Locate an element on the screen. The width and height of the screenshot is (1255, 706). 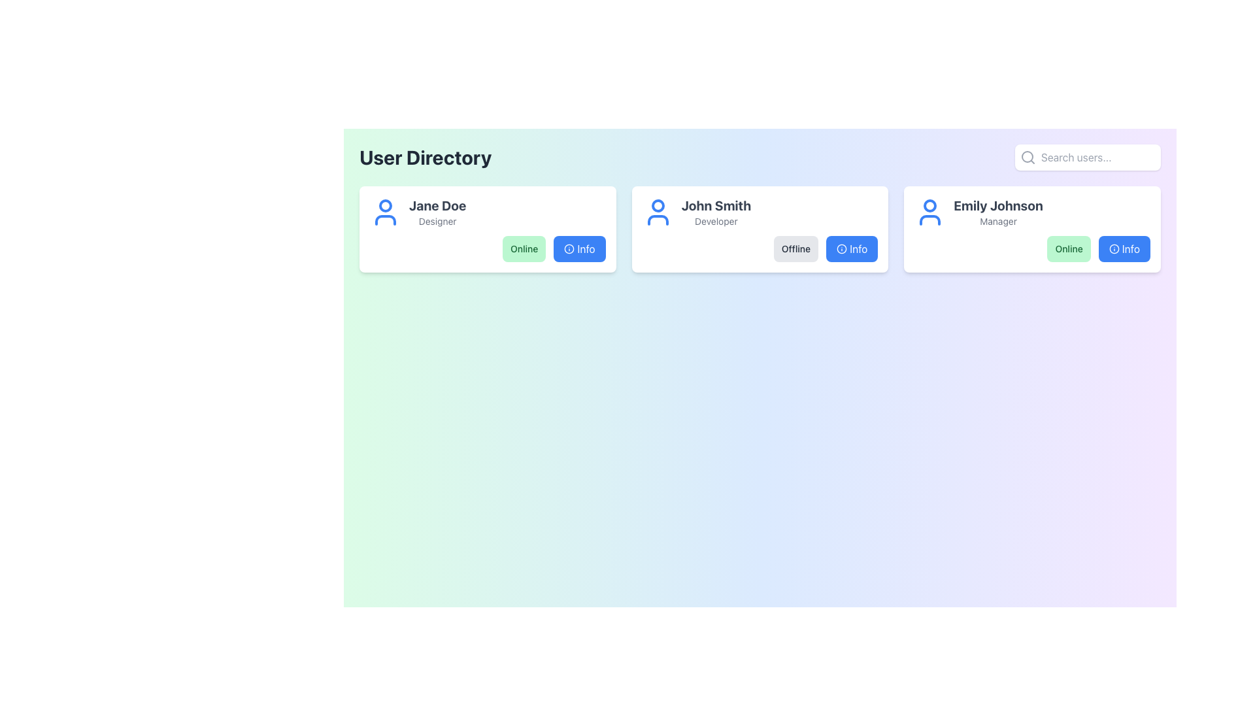
the text label 'Emily Johnson' which is styled in a large, bold, dark gray font and is located at the top of the third user profile card, directly above the text 'Manager' is located at coordinates (997, 206).